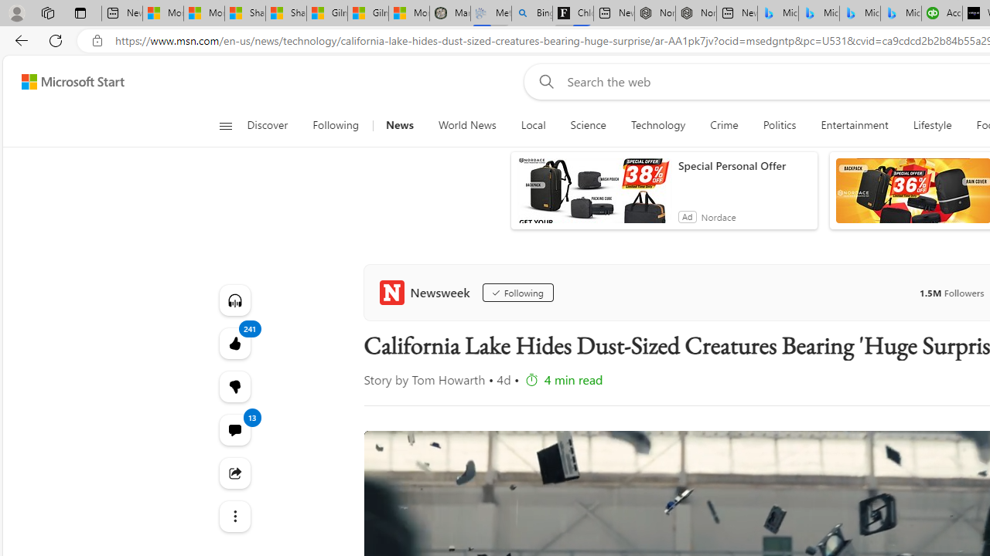 The image size is (990, 556). What do you see at coordinates (466, 125) in the screenshot?
I see `'World News'` at bounding box center [466, 125].